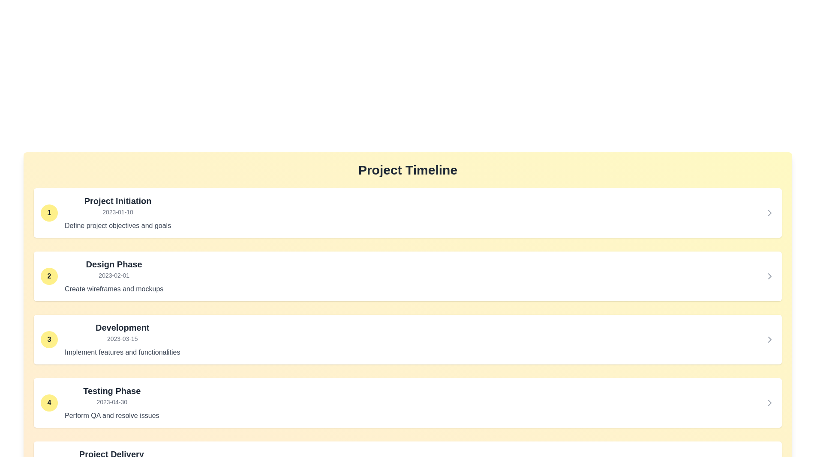 The height and width of the screenshot is (462, 823). I want to click on the text label displaying 'Design Phase', which is styled in bold and larger font, located above the date '2023-02-01' within the section marked by a circular yellow icon with the numeral '2', so click(114, 264).